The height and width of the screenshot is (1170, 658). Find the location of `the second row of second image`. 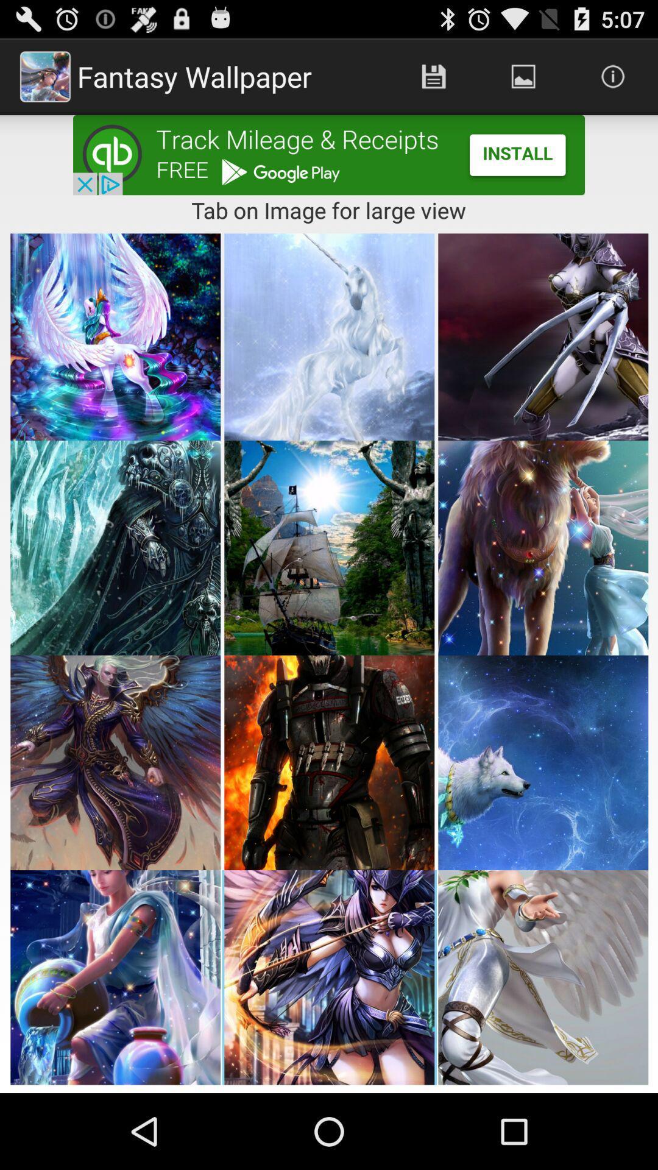

the second row of second image is located at coordinates (329, 547).